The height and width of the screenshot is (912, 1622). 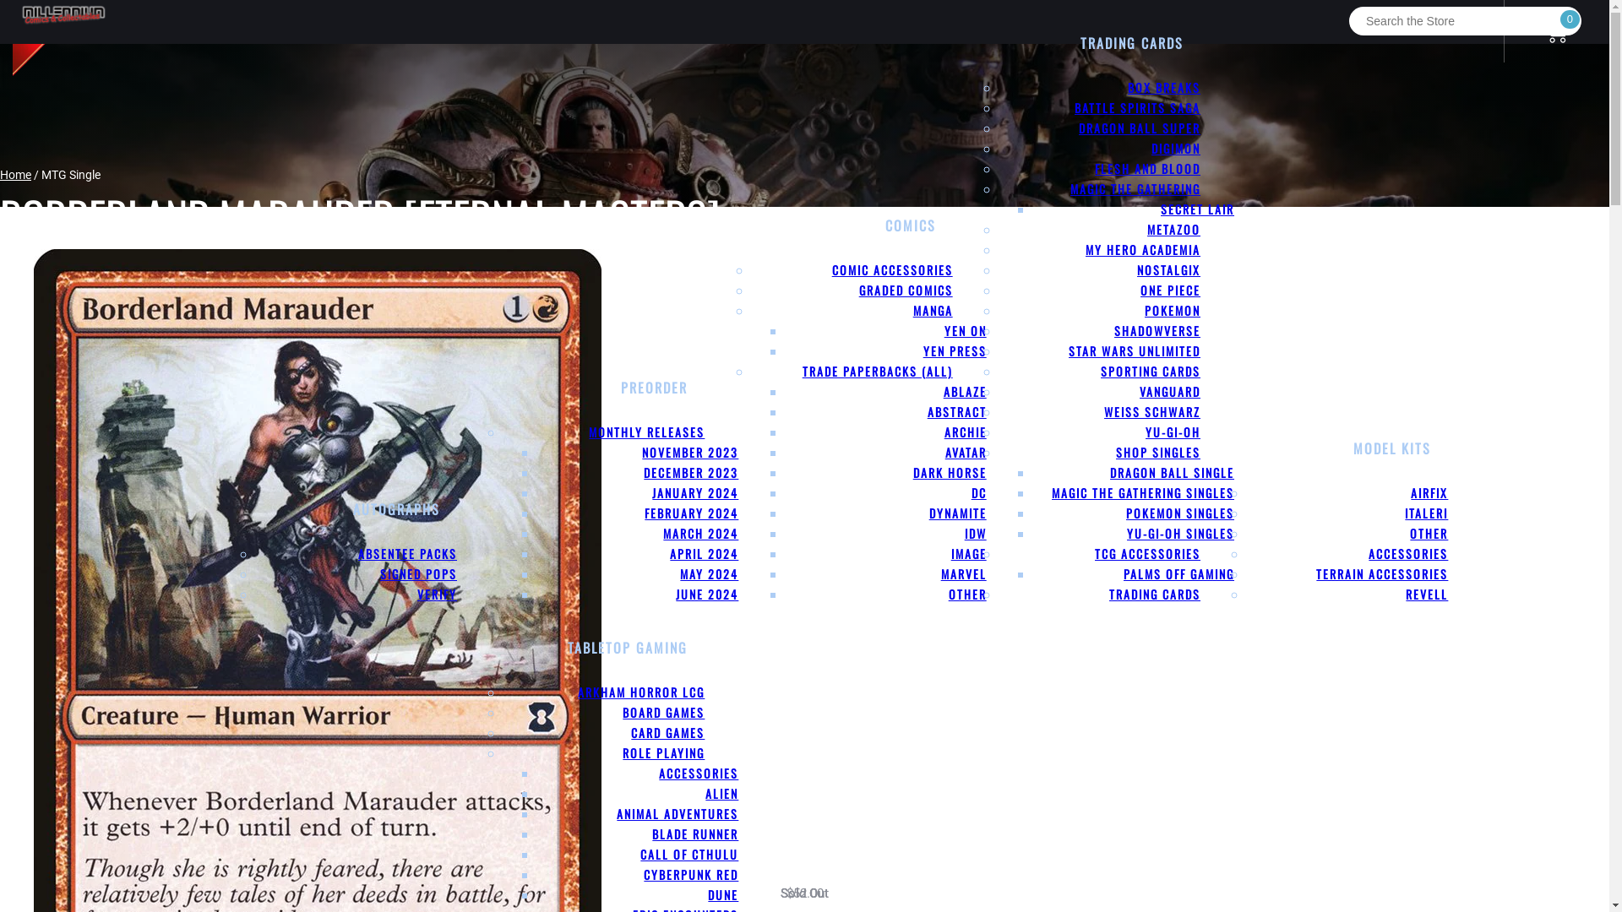 What do you see at coordinates (1143, 492) in the screenshot?
I see `'MAGIC THE GATHERING SINGLES'` at bounding box center [1143, 492].